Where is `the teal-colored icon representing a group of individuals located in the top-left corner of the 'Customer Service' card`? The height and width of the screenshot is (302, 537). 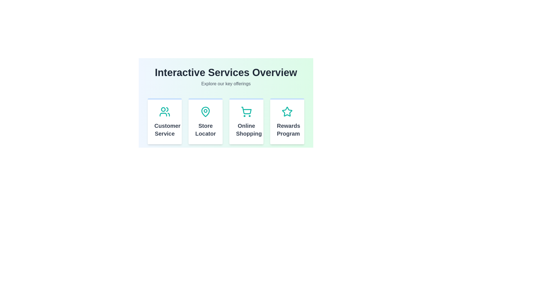 the teal-colored icon representing a group of individuals located in the top-left corner of the 'Customer Service' card is located at coordinates (164, 112).